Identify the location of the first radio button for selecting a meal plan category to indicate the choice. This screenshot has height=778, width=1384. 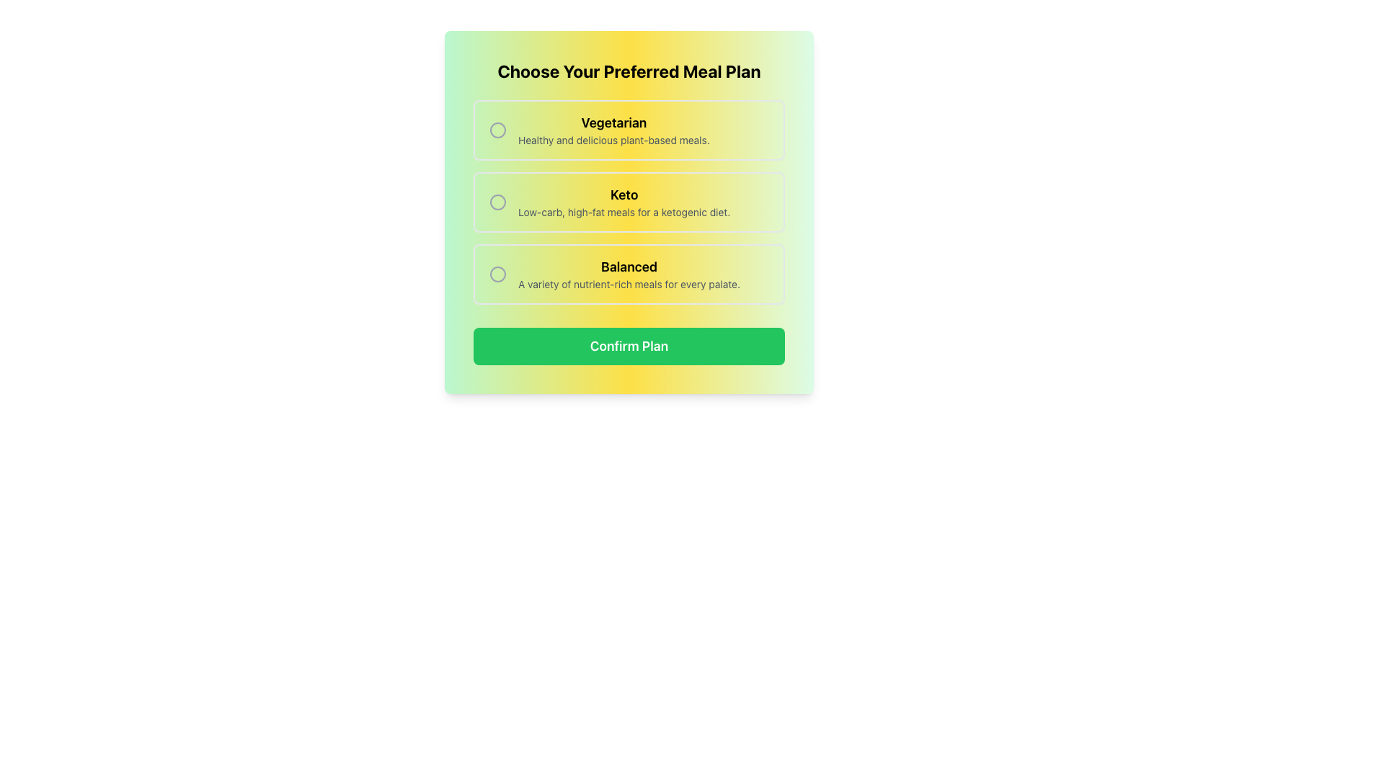
(629, 130).